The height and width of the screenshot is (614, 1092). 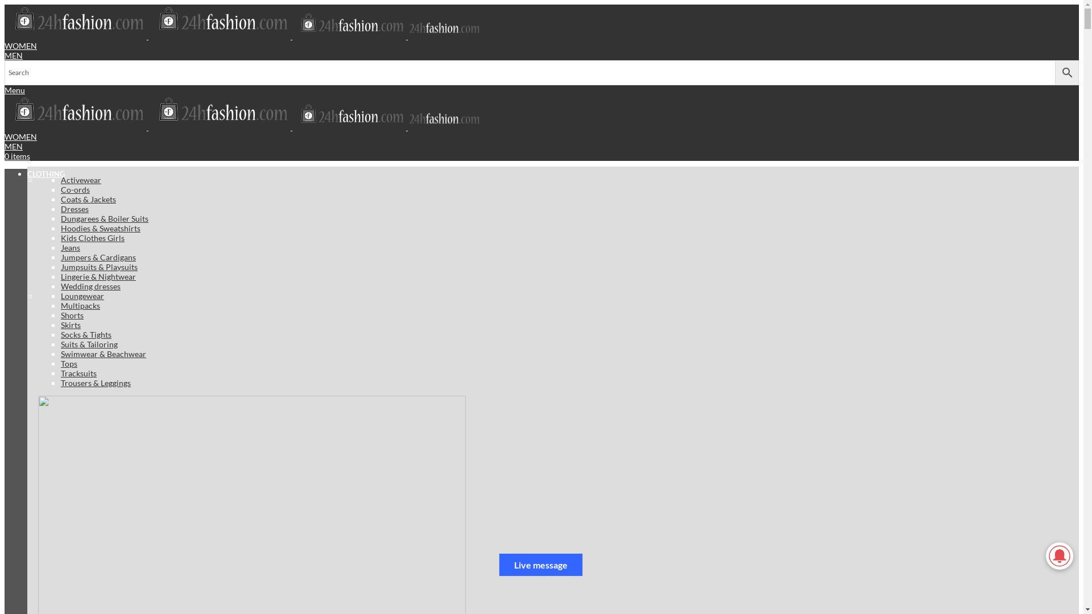 What do you see at coordinates (93, 237) in the screenshot?
I see `'Kids Clothes Girls'` at bounding box center [93, 237].